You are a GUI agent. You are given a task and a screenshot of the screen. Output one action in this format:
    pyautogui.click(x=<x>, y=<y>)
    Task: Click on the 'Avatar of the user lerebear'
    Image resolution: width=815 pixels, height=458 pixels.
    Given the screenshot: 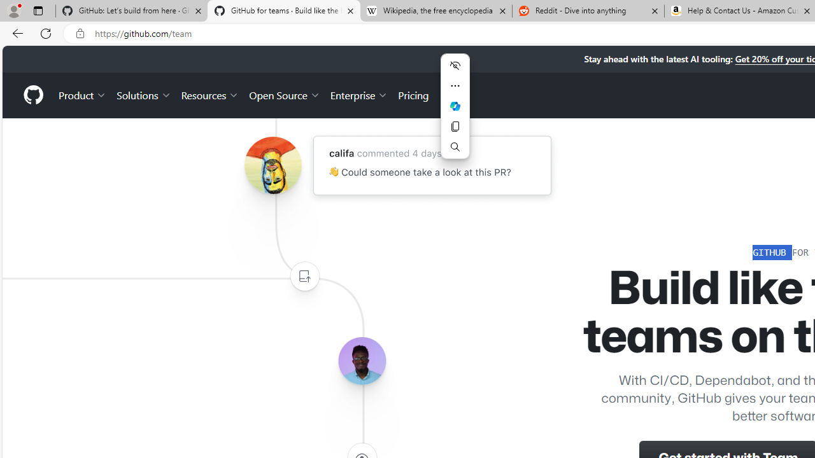 What is the action you would take?
    pyautogui.click(x=361, y=361)
    